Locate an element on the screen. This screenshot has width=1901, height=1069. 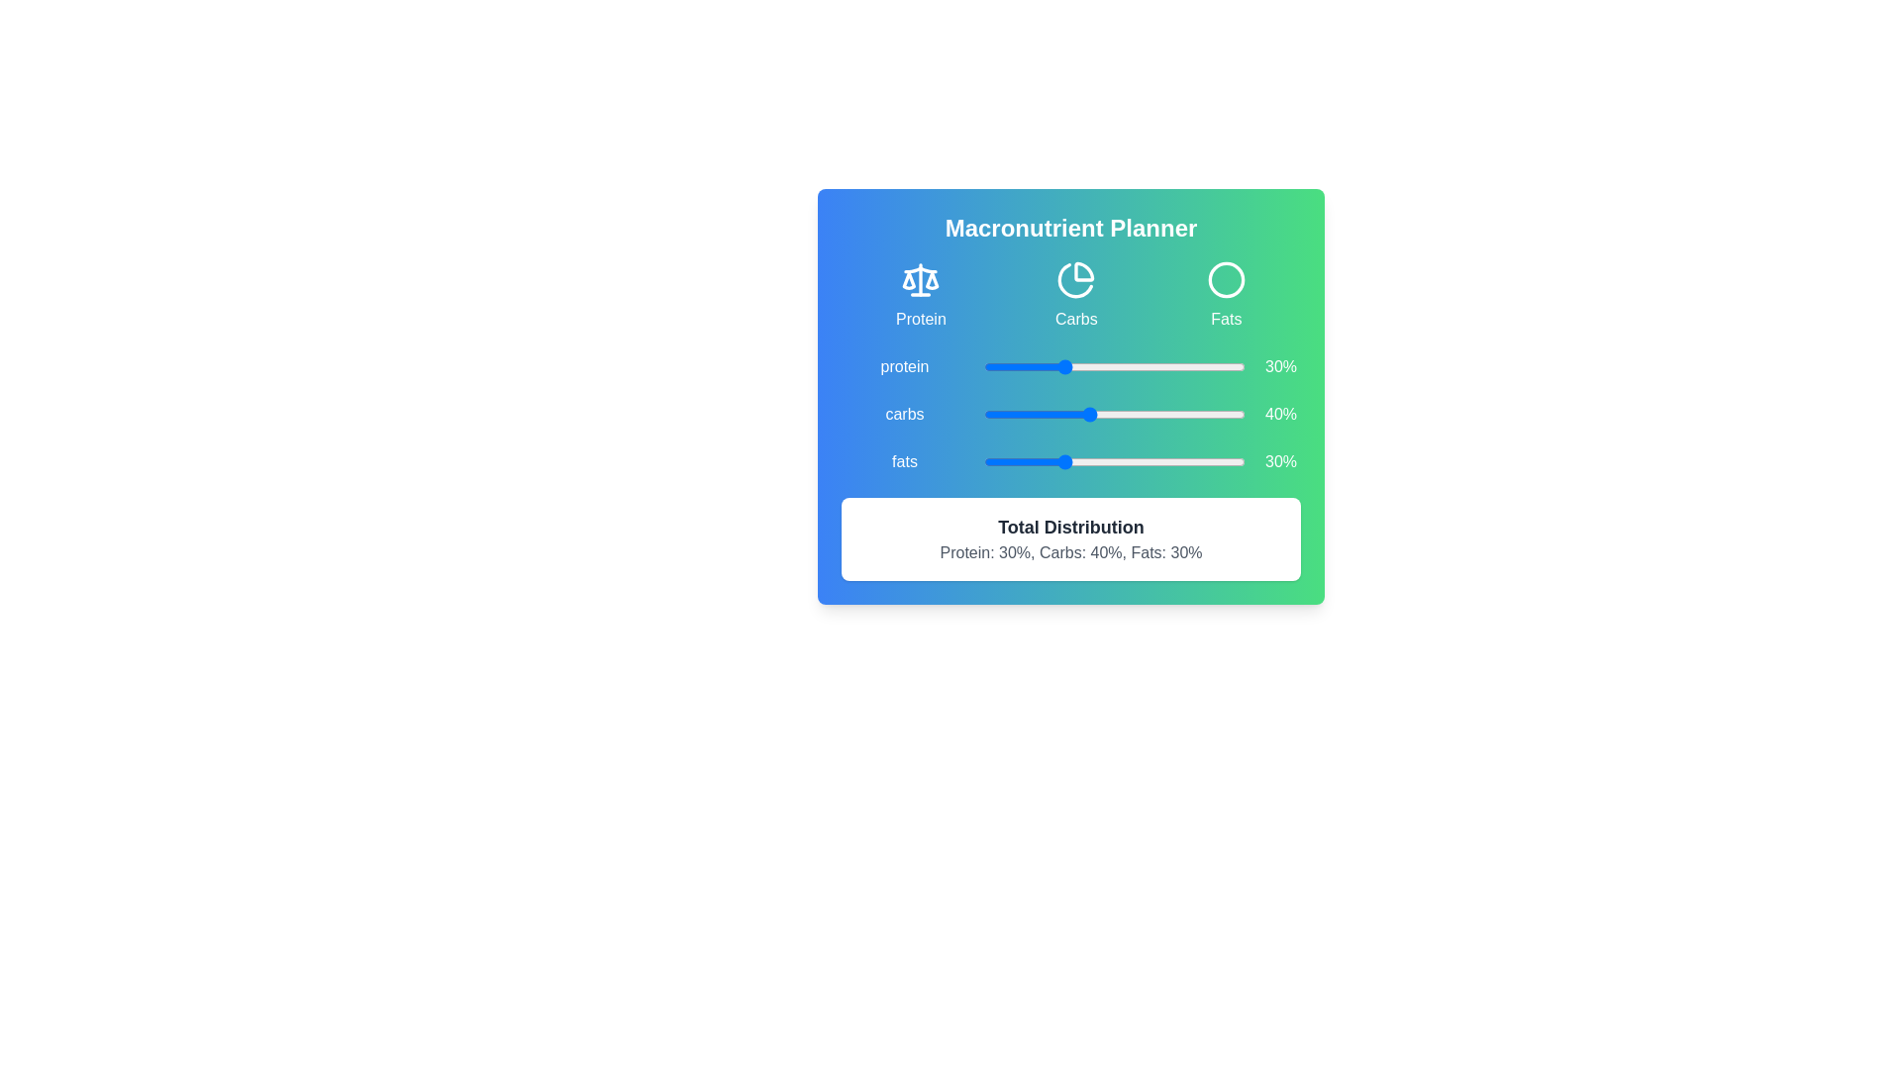
the blue-colored icon resembling a balanced scale located in the top-left region of the 'Macronutrient Planner' box, above the 'Protein' text is located at coordinates (920, 279).